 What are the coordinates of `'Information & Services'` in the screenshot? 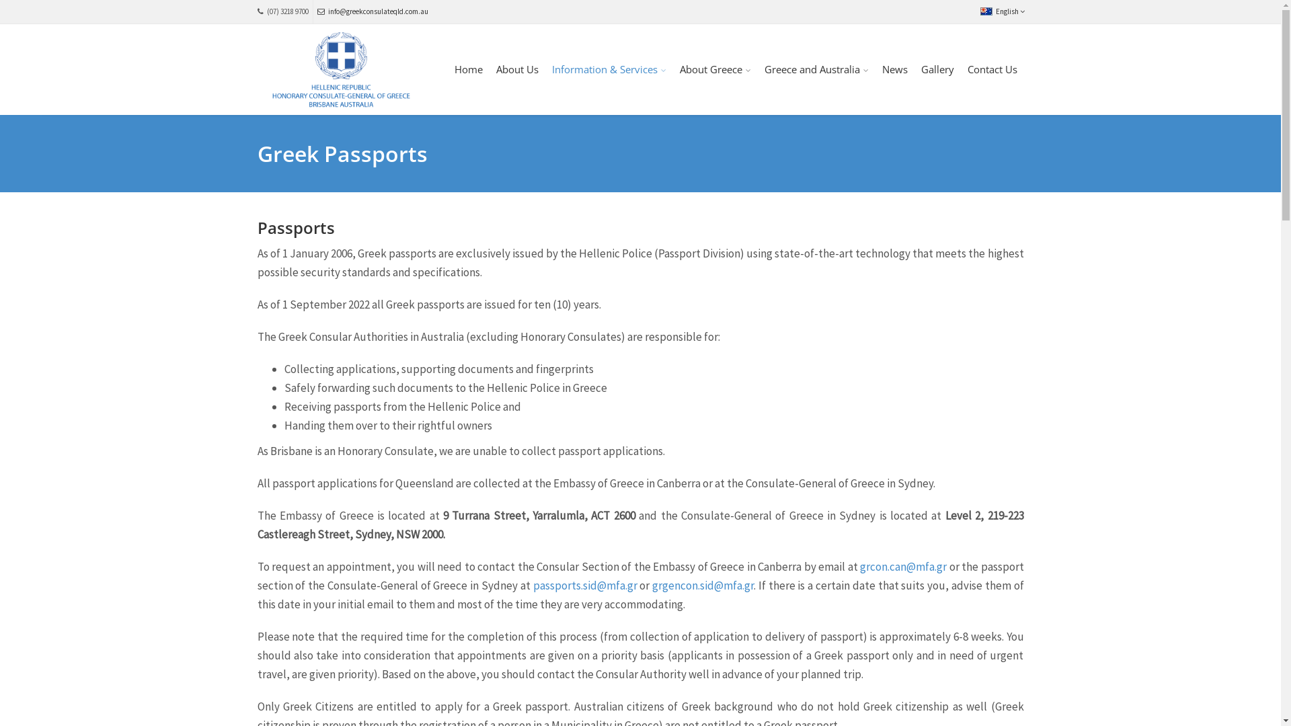 It's located at (608, 69).